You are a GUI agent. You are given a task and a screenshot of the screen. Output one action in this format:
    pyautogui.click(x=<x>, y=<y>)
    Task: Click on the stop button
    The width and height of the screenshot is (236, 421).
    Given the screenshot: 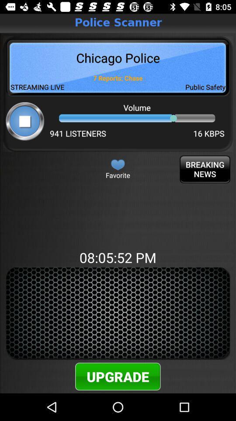 What is the action you would take?
    pyautogui.click(x=25, y=121)
    